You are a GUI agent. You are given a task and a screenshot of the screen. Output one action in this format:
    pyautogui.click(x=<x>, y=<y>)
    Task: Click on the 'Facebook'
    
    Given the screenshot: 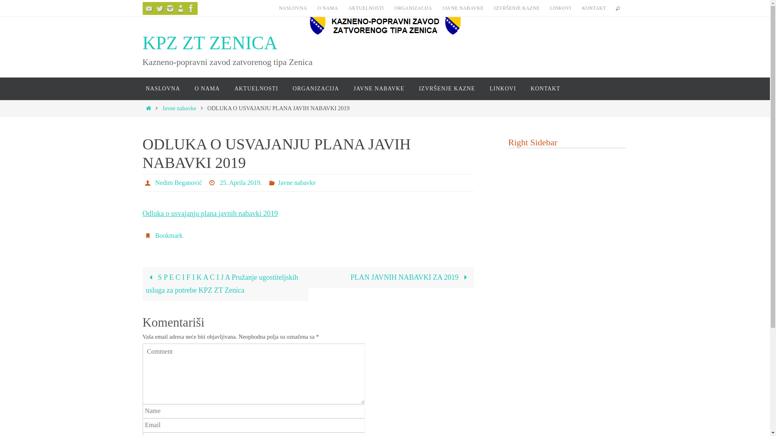 What is the action you would take?
    pyautogui.click(x=184, y=8)
    